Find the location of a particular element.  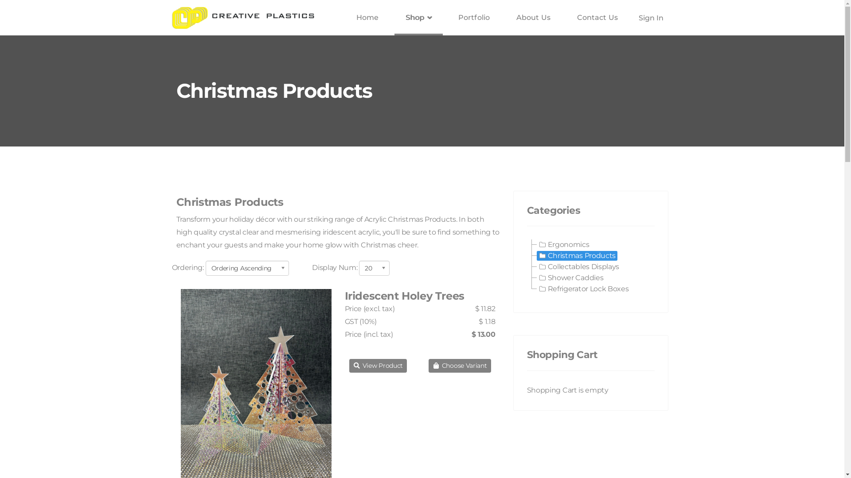

'Sign In' is located at coordinates (635, 18).